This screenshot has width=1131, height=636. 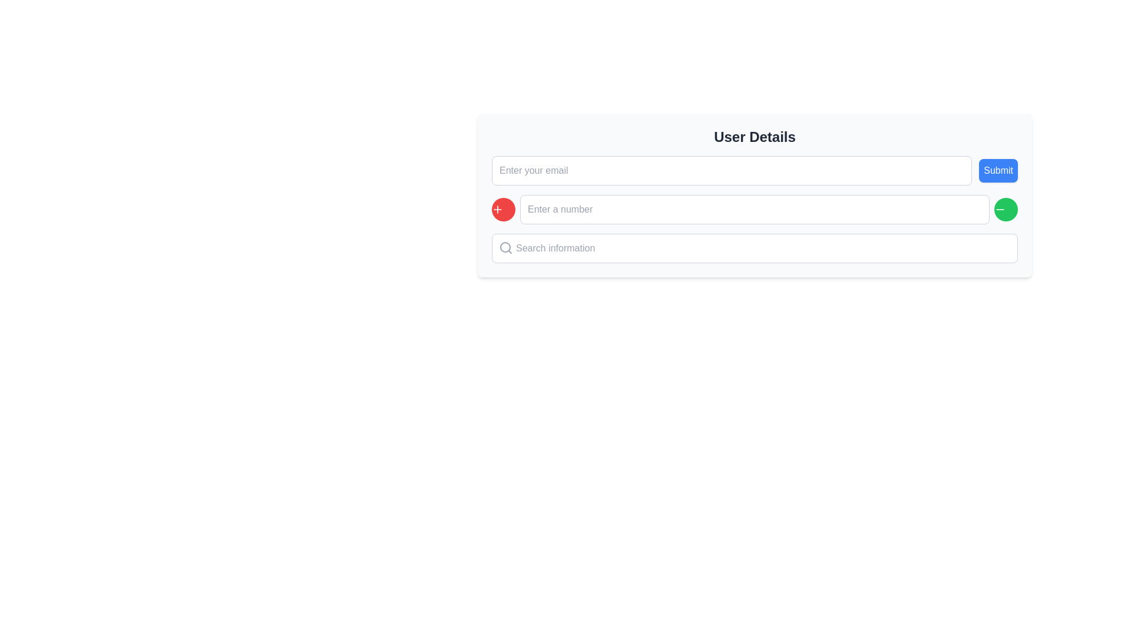 What do you see at coordinates (505, 247) in the screenshot?
I see `the circular component of the magnifying glass icon, which has a thin border and is part of the search functionality, located to the left of the 'Search information' text input field` at bounding box center [505, 247].